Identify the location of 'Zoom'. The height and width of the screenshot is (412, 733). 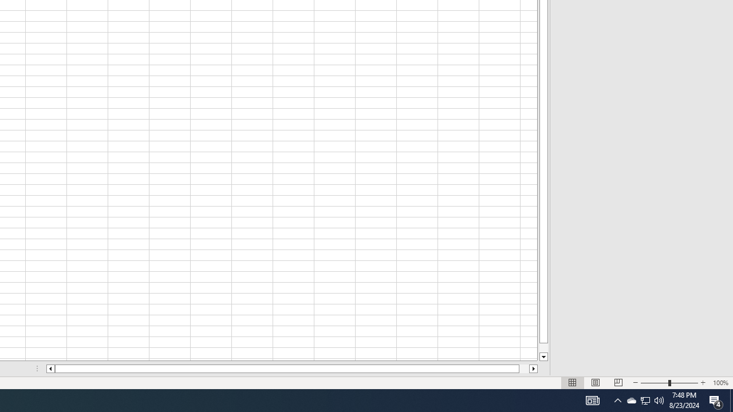
(669, 383).